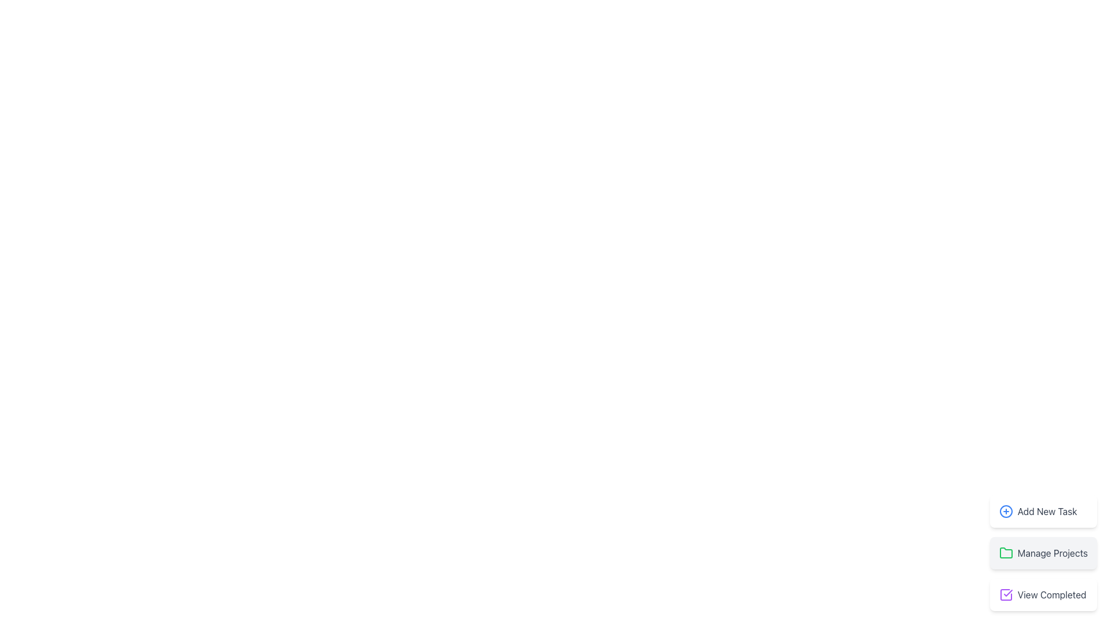  Describe the element at coordinates (1005, 510) in the screenshot. I see `the Icon Button that is located to the left of the text 'Add New Task' in the application` at that location.